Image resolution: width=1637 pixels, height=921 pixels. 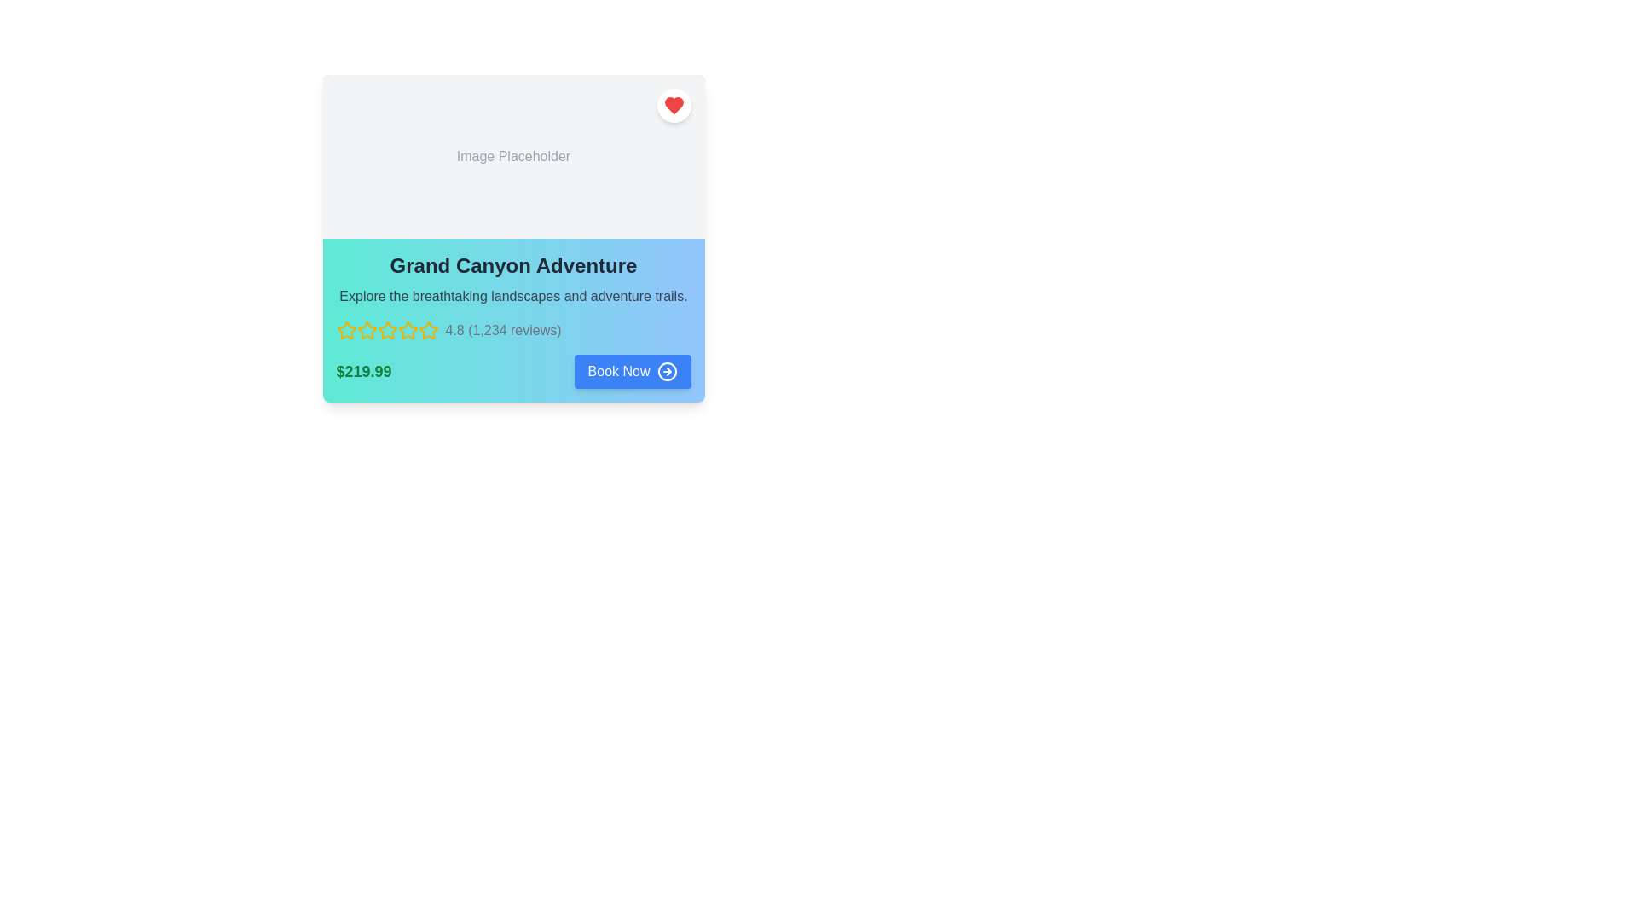 What do you see at coordinates (502, 331) in the screenshot?
I see `rating value from the text label displaying '4.8 (1,234 reviews)' positioned to the right of the yellow star icons in the bottom section of the card interface` at bounding box center [502, 331].